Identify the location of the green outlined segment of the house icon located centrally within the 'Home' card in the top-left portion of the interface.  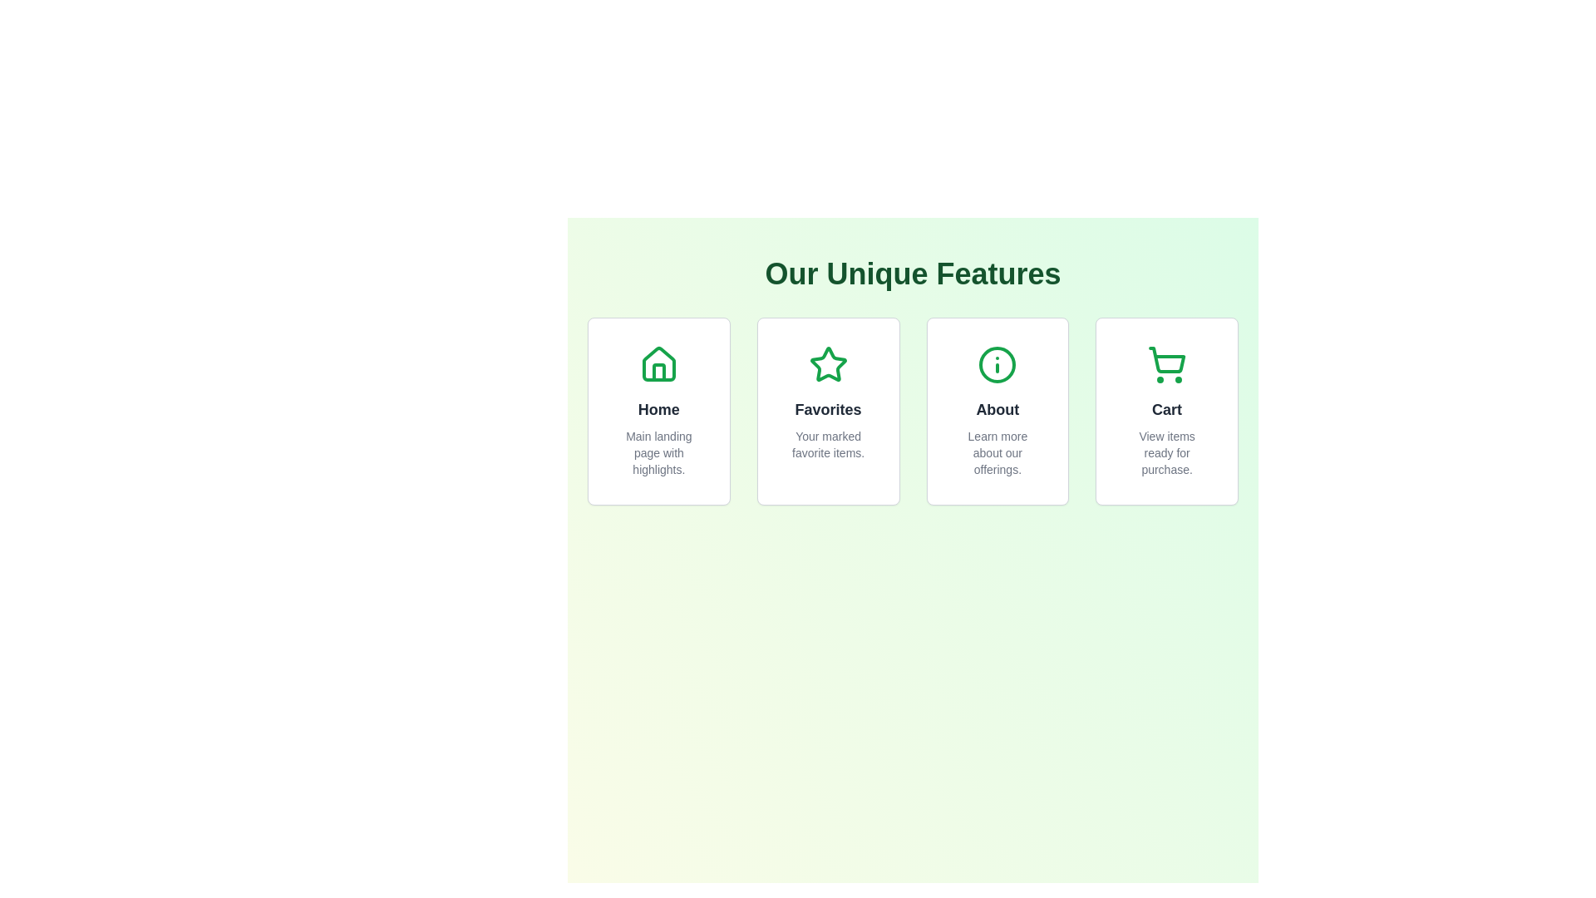
(658, 371).